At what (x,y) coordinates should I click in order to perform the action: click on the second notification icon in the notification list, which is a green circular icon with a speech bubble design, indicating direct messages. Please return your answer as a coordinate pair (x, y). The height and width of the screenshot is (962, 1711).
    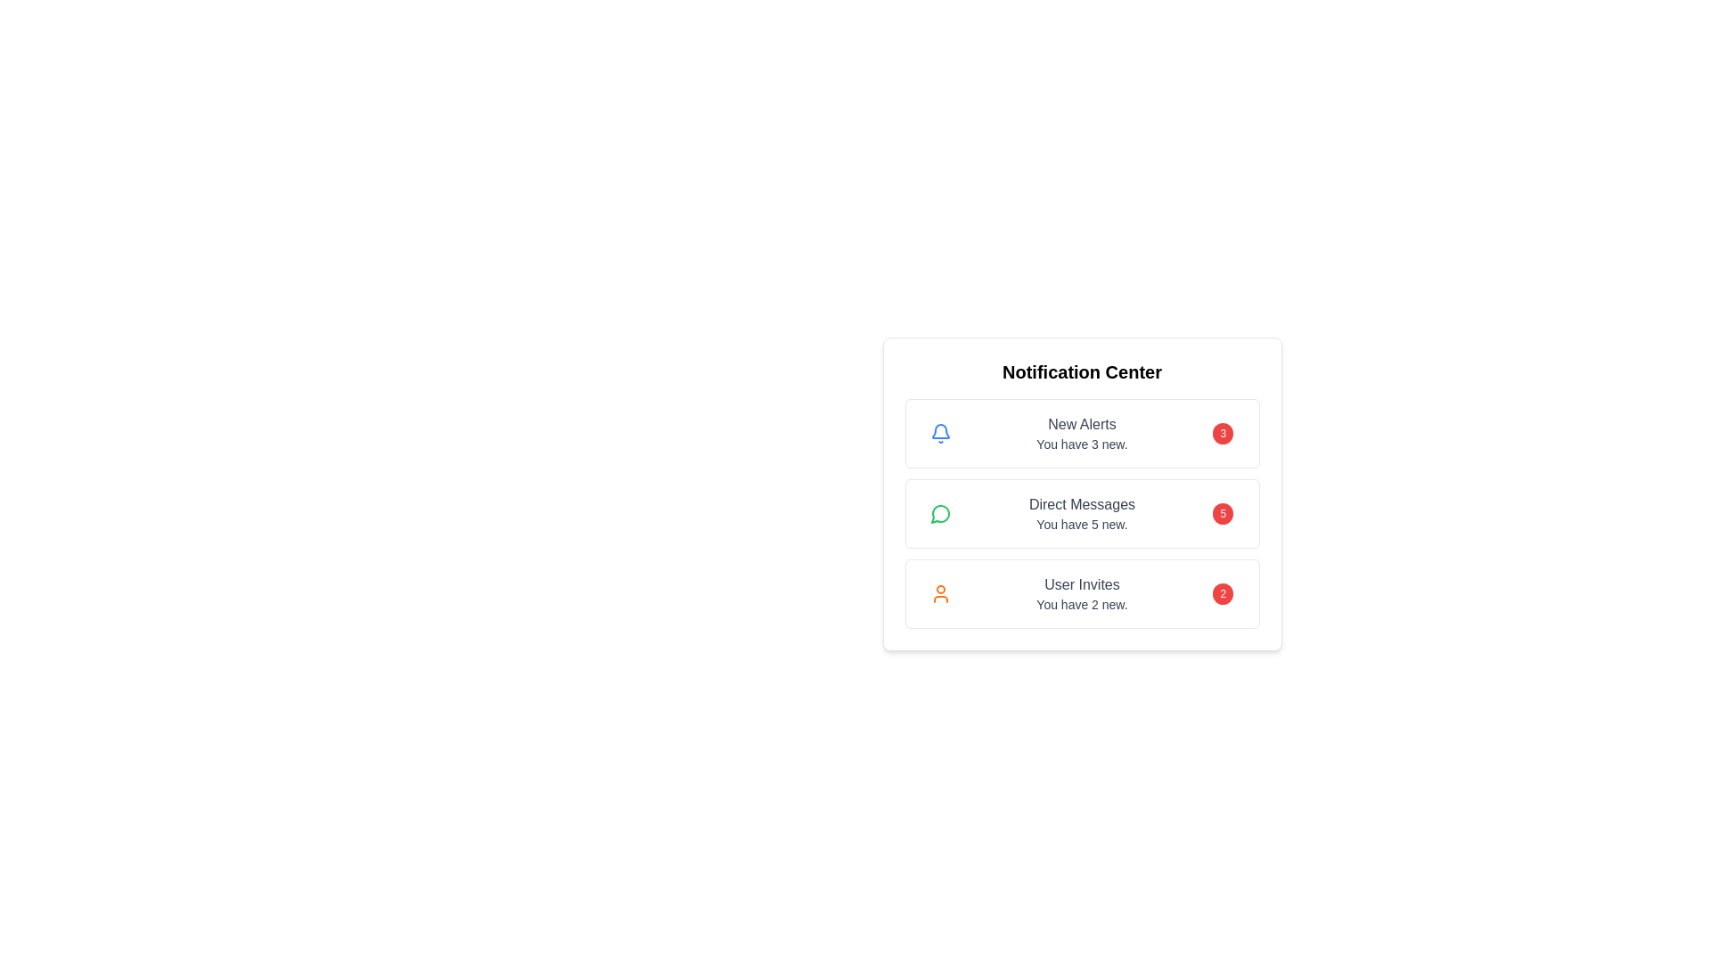
    Looking at the image, I should click on (939, 514).